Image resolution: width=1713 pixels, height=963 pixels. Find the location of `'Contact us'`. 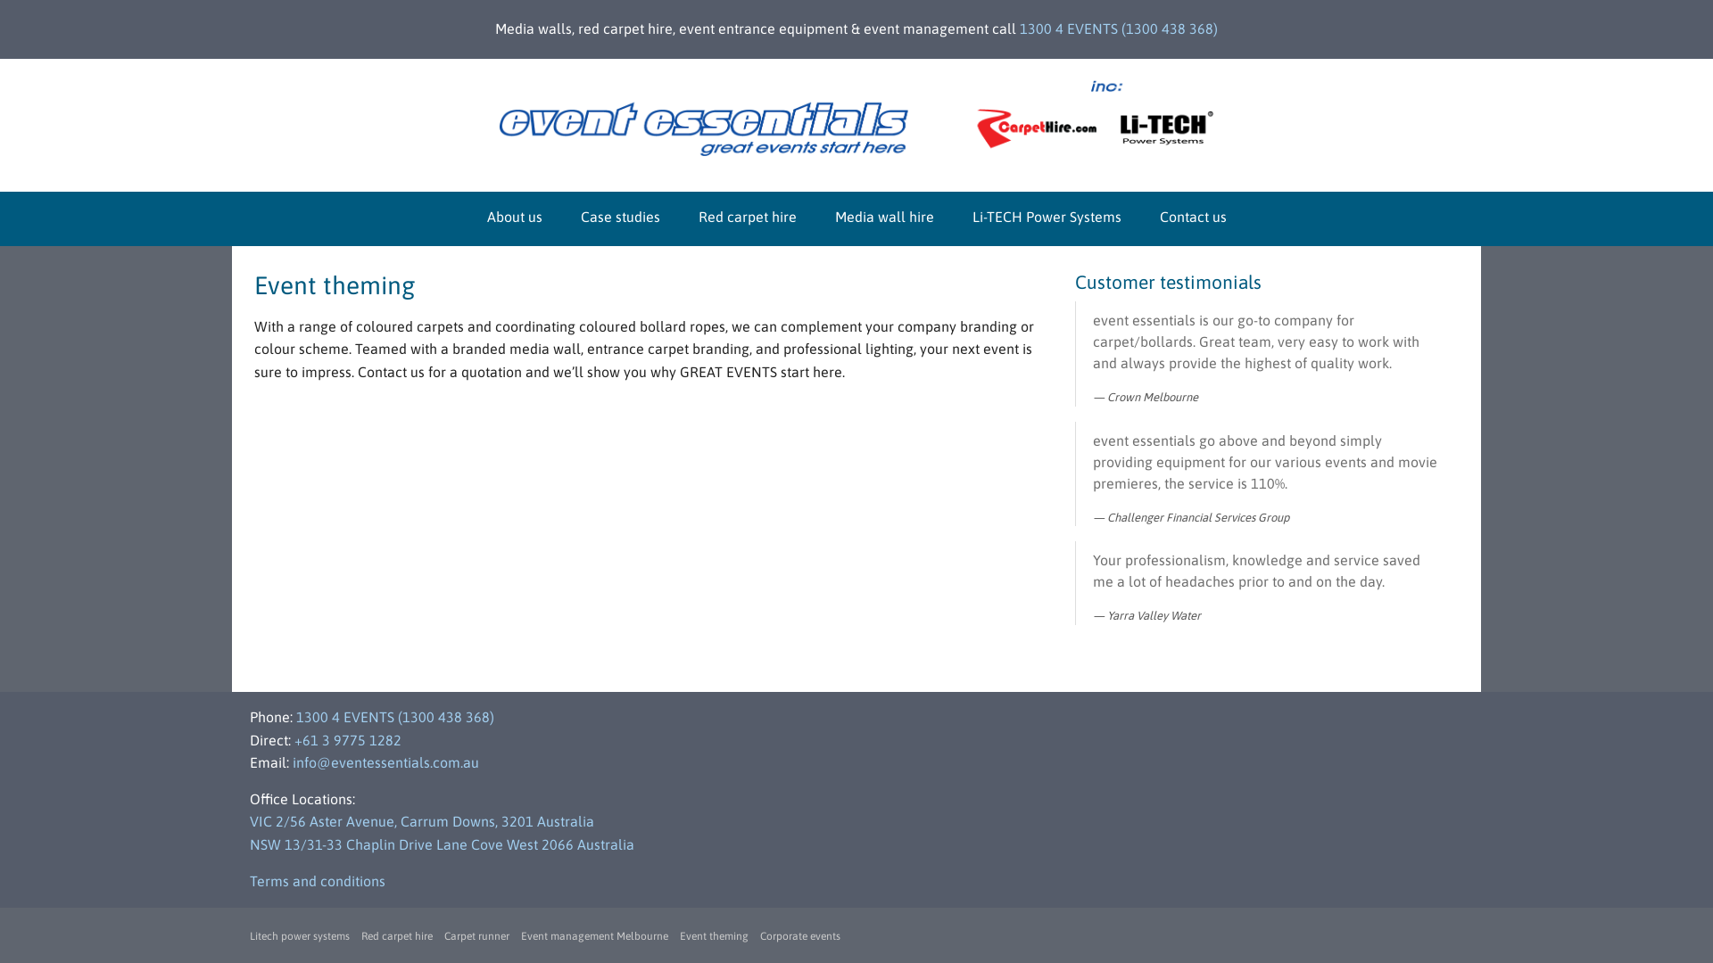

'Contact us' is located at coordinates (1193, 216).